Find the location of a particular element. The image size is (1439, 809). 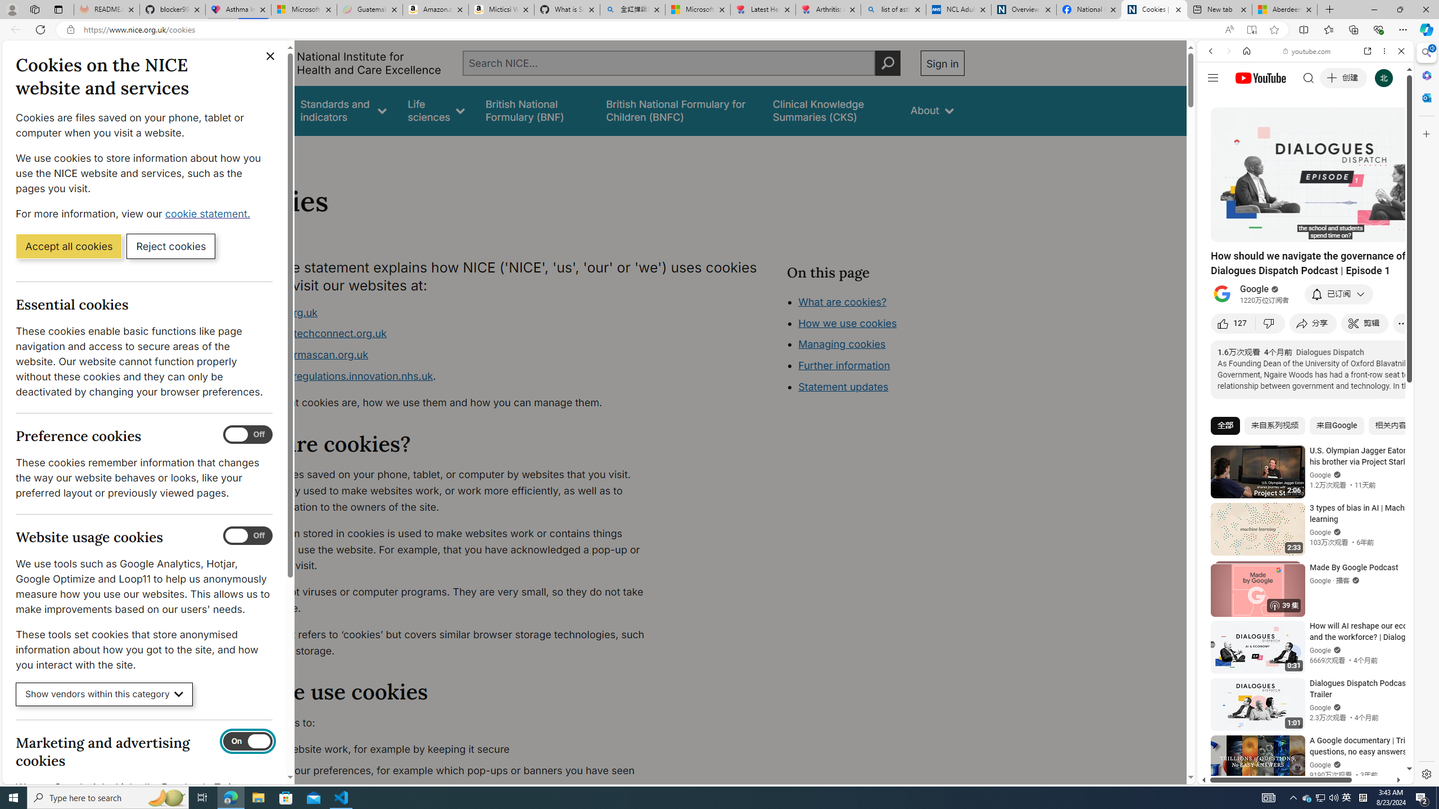

'WEB  ' is located at coordinates (1215, 129).